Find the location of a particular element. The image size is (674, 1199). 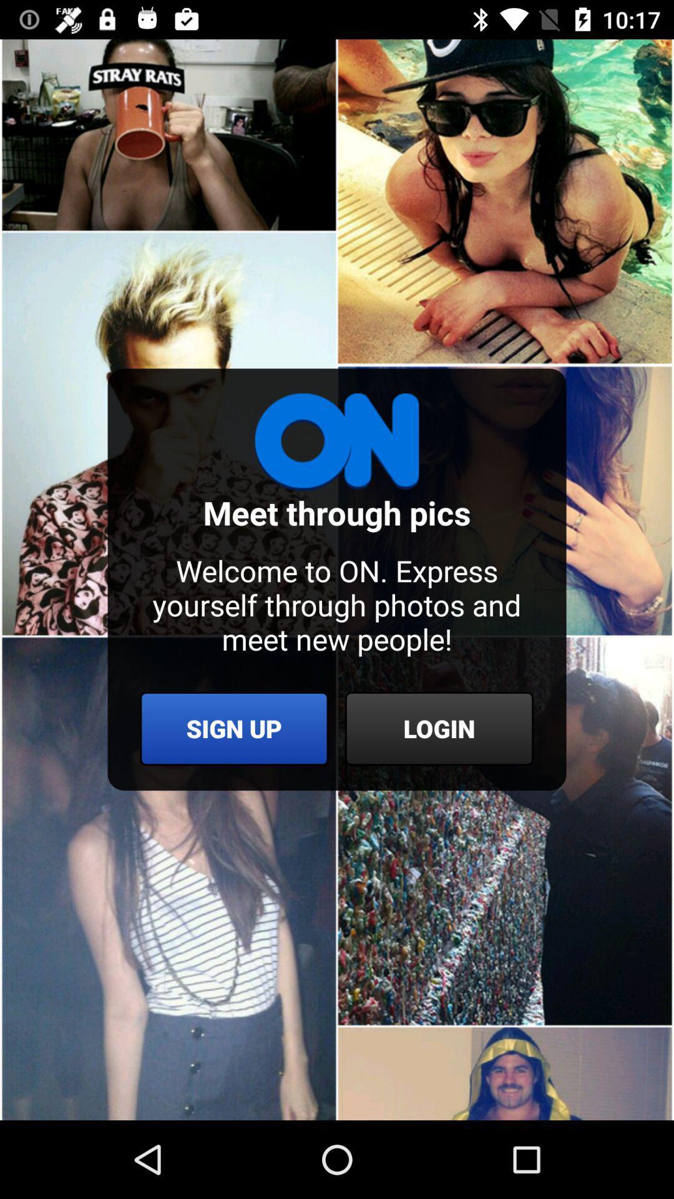

the login item is located at coordinates (438, 728).